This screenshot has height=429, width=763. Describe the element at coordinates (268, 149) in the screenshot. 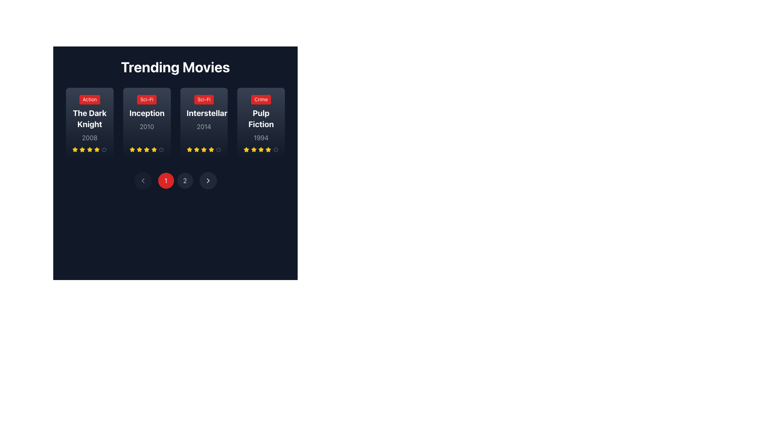

I see `the fifth rating star in the horizontal group of star icons for the movie 'Pulp Fiction' in the 'Trending Movies' section to rate it` at that location.